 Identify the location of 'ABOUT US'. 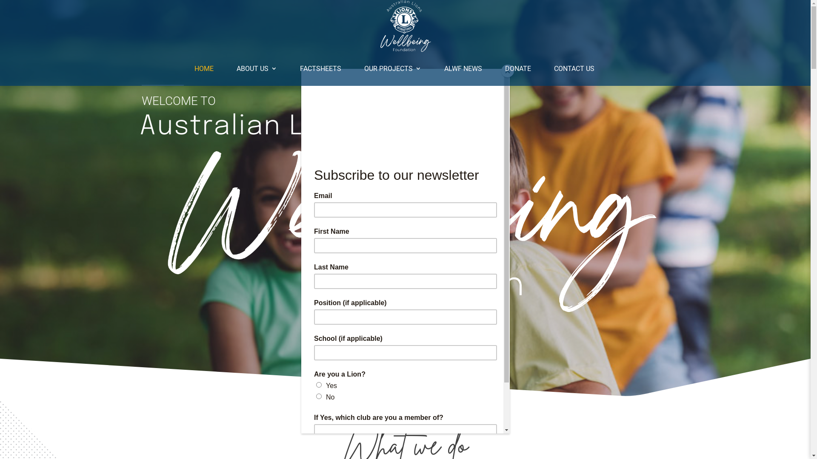
(256, 68).